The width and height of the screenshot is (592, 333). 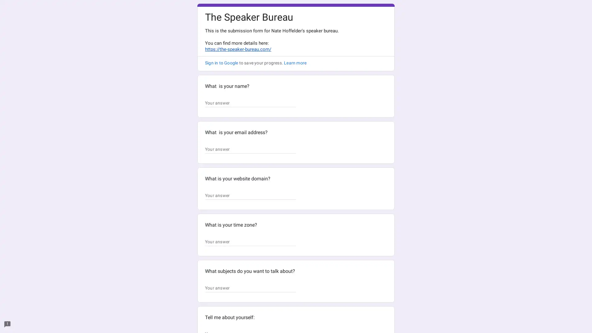 I want to click on Learn more, so click(x=295, y=63).